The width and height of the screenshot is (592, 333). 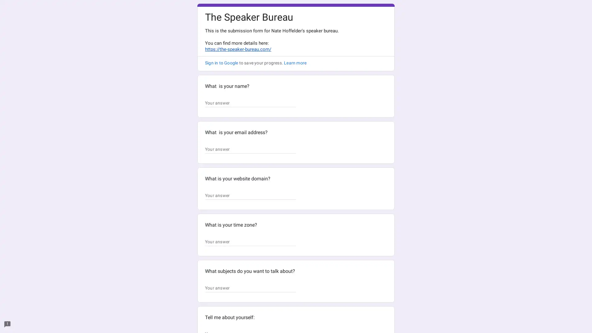 I want to click on Learn more, so click(x=295, y=63).